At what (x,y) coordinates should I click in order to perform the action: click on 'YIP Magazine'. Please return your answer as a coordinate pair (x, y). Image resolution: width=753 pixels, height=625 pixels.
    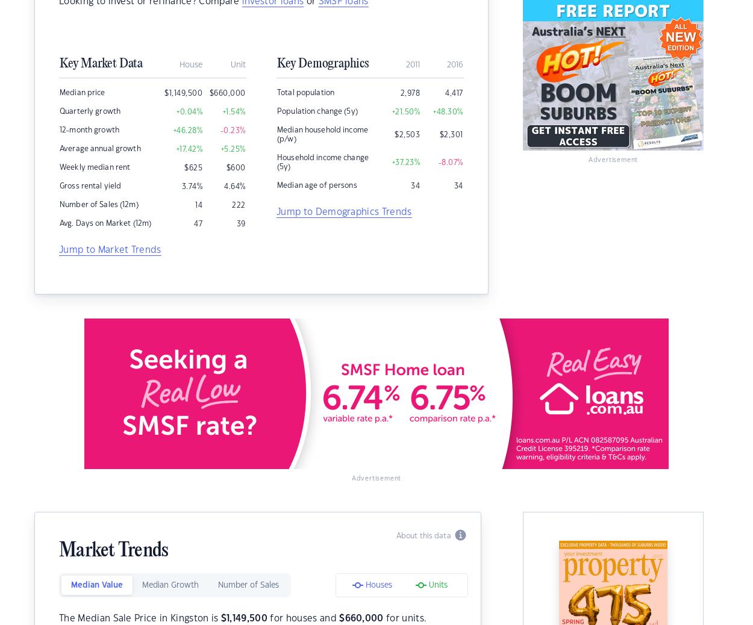
    Looking at the image, I should click on (63, 213).